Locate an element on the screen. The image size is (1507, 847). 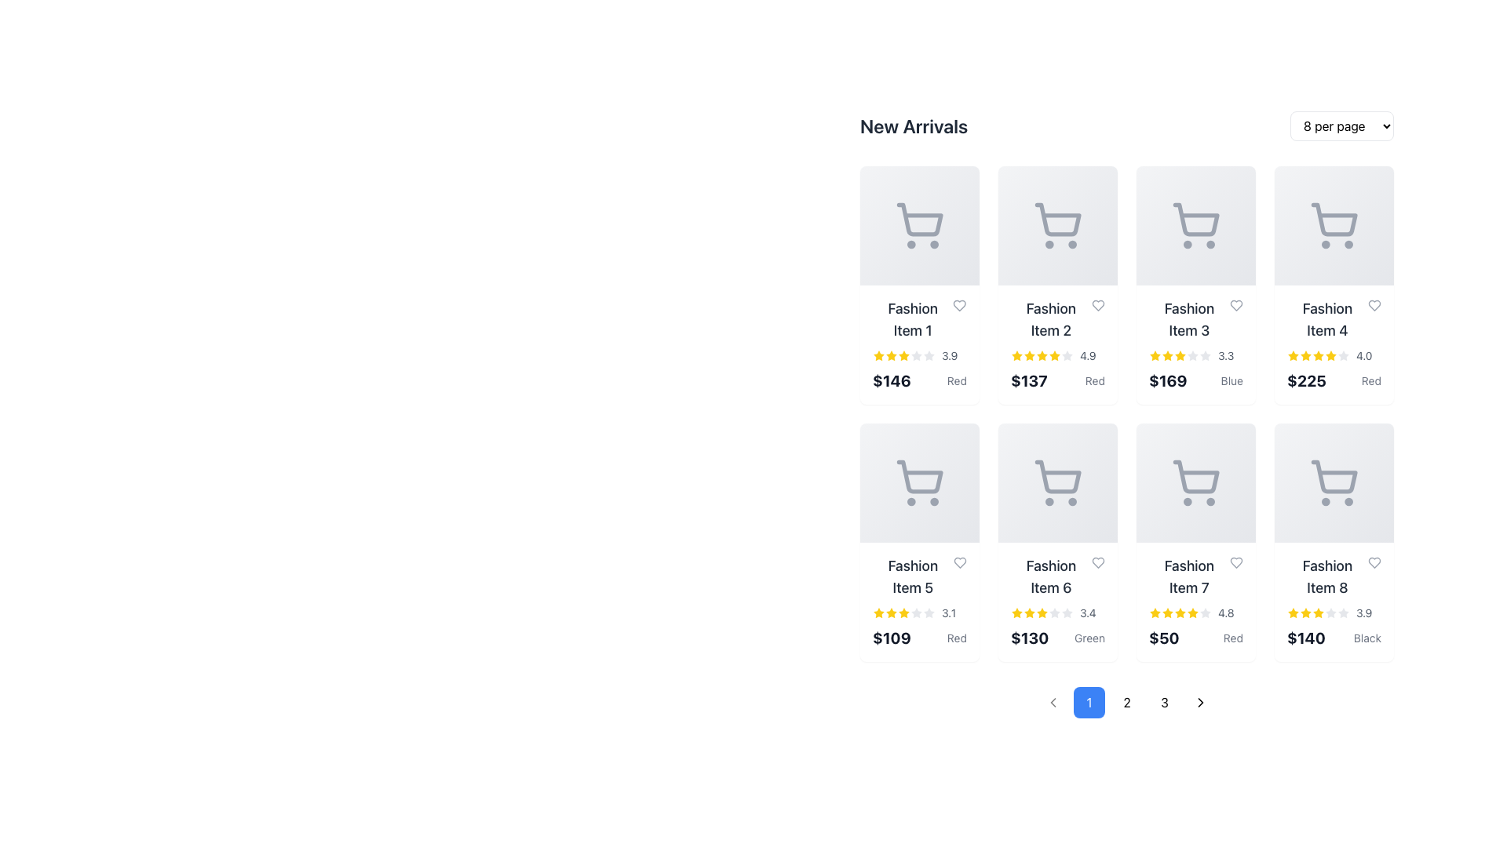
the fourth star rating icon for the product 'Fashion Item 4' in the 'New Arrivals' section is located at coordinates (1330, 355).